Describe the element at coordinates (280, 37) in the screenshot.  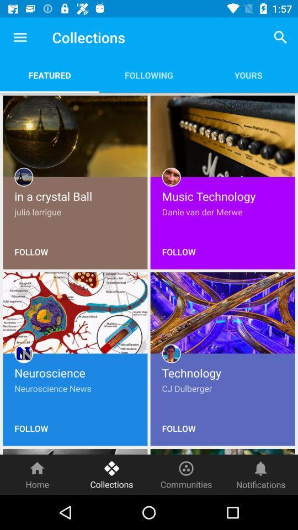
I see `the item to the right of the following item` at that location.